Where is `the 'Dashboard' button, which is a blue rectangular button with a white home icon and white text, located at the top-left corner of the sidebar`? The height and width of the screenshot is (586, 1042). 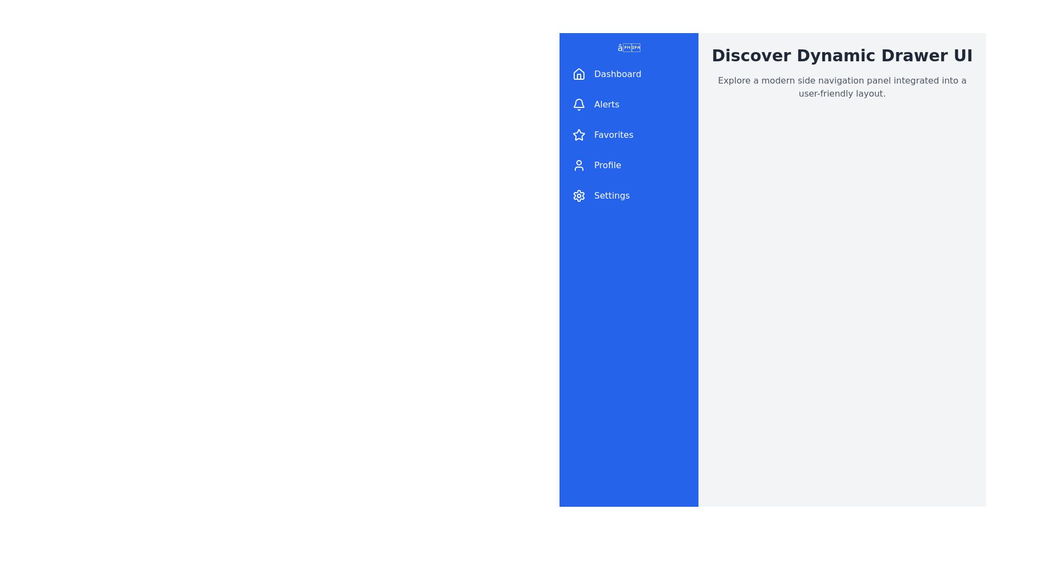 the 'Dashboard' button, which is a blue rectangular button with a white home icon and white text, located at the top-left corner of the sidebar is located at coordinates (628, 74).